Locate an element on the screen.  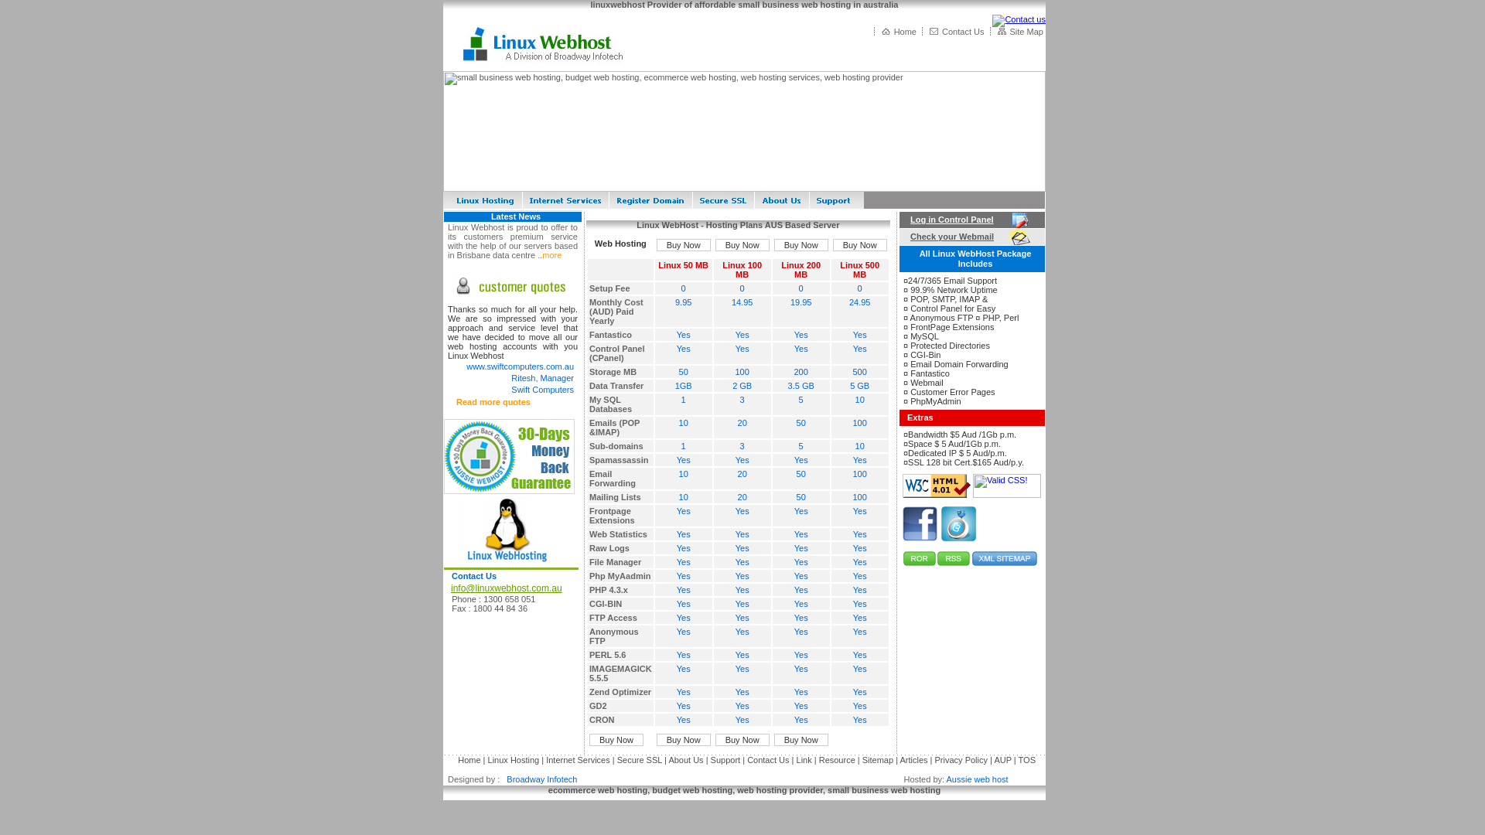
'Articles' is located at coordinates (914, 759).